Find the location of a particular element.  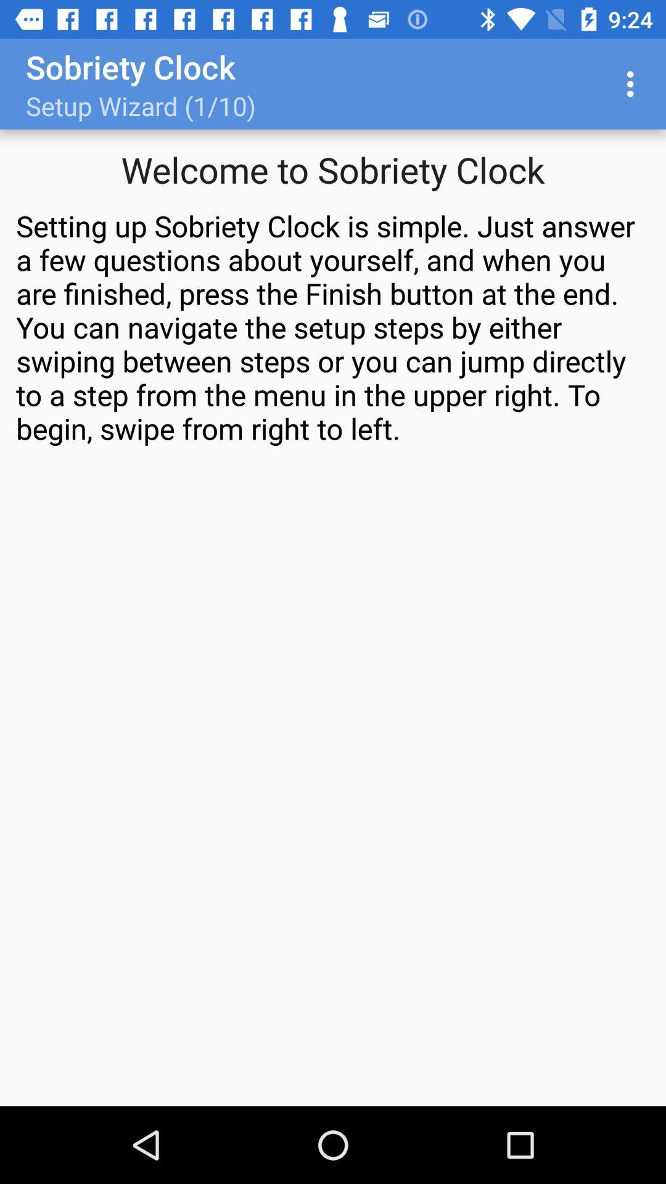

item above setting up sobriety icon is located at coordinates (633, 83).